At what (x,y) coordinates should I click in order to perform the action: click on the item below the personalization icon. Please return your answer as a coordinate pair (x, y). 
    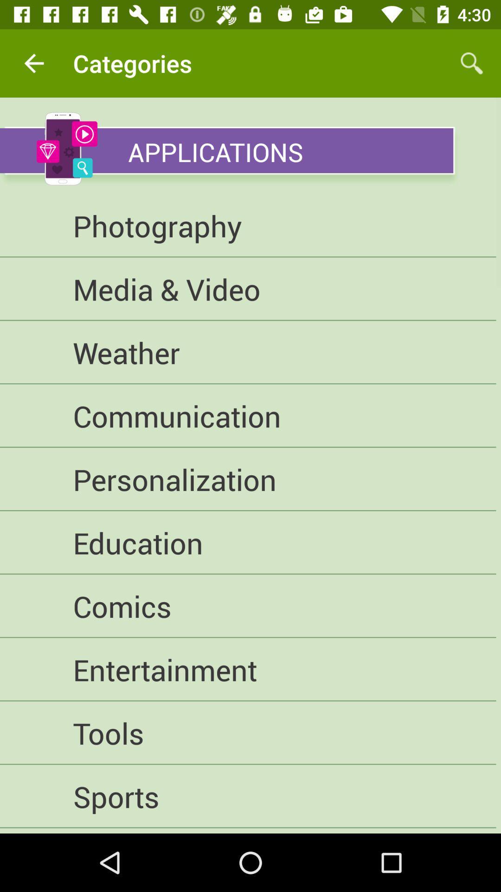
    Looking at the image, I should click on (247, 543).